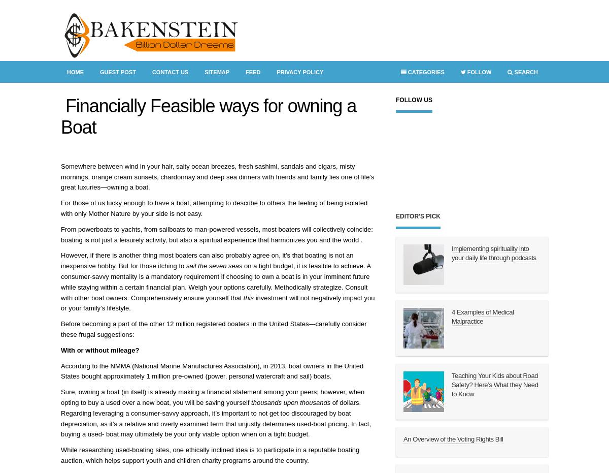 This screenshot has height=473, width=609. I want to click on 'Teaching Your Kids about Road Safety? Here’s What they Need to Know', so click(451, 385).